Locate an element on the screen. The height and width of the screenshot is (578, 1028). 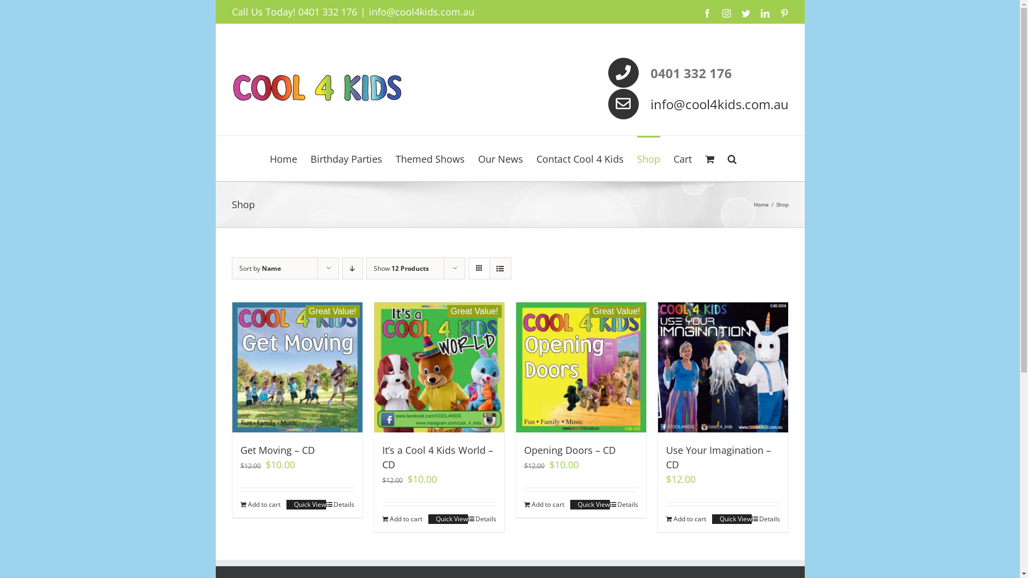
'Quick View' is located at coordinates (731, 518).